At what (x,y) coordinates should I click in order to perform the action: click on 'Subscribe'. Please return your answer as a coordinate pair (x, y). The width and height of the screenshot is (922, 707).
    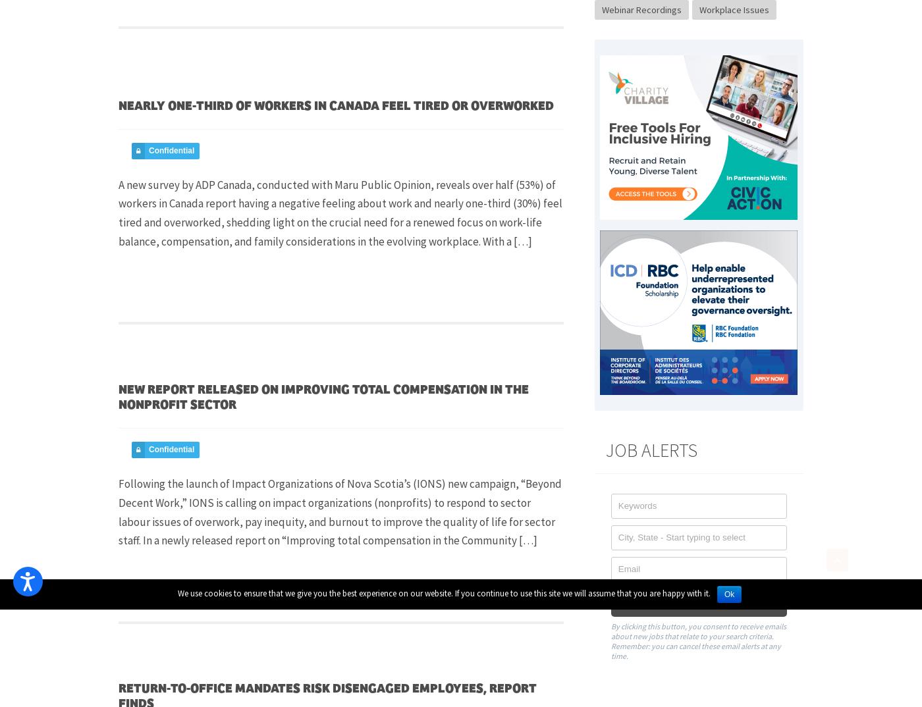
    Looking at the image, I should click on (672, 603).